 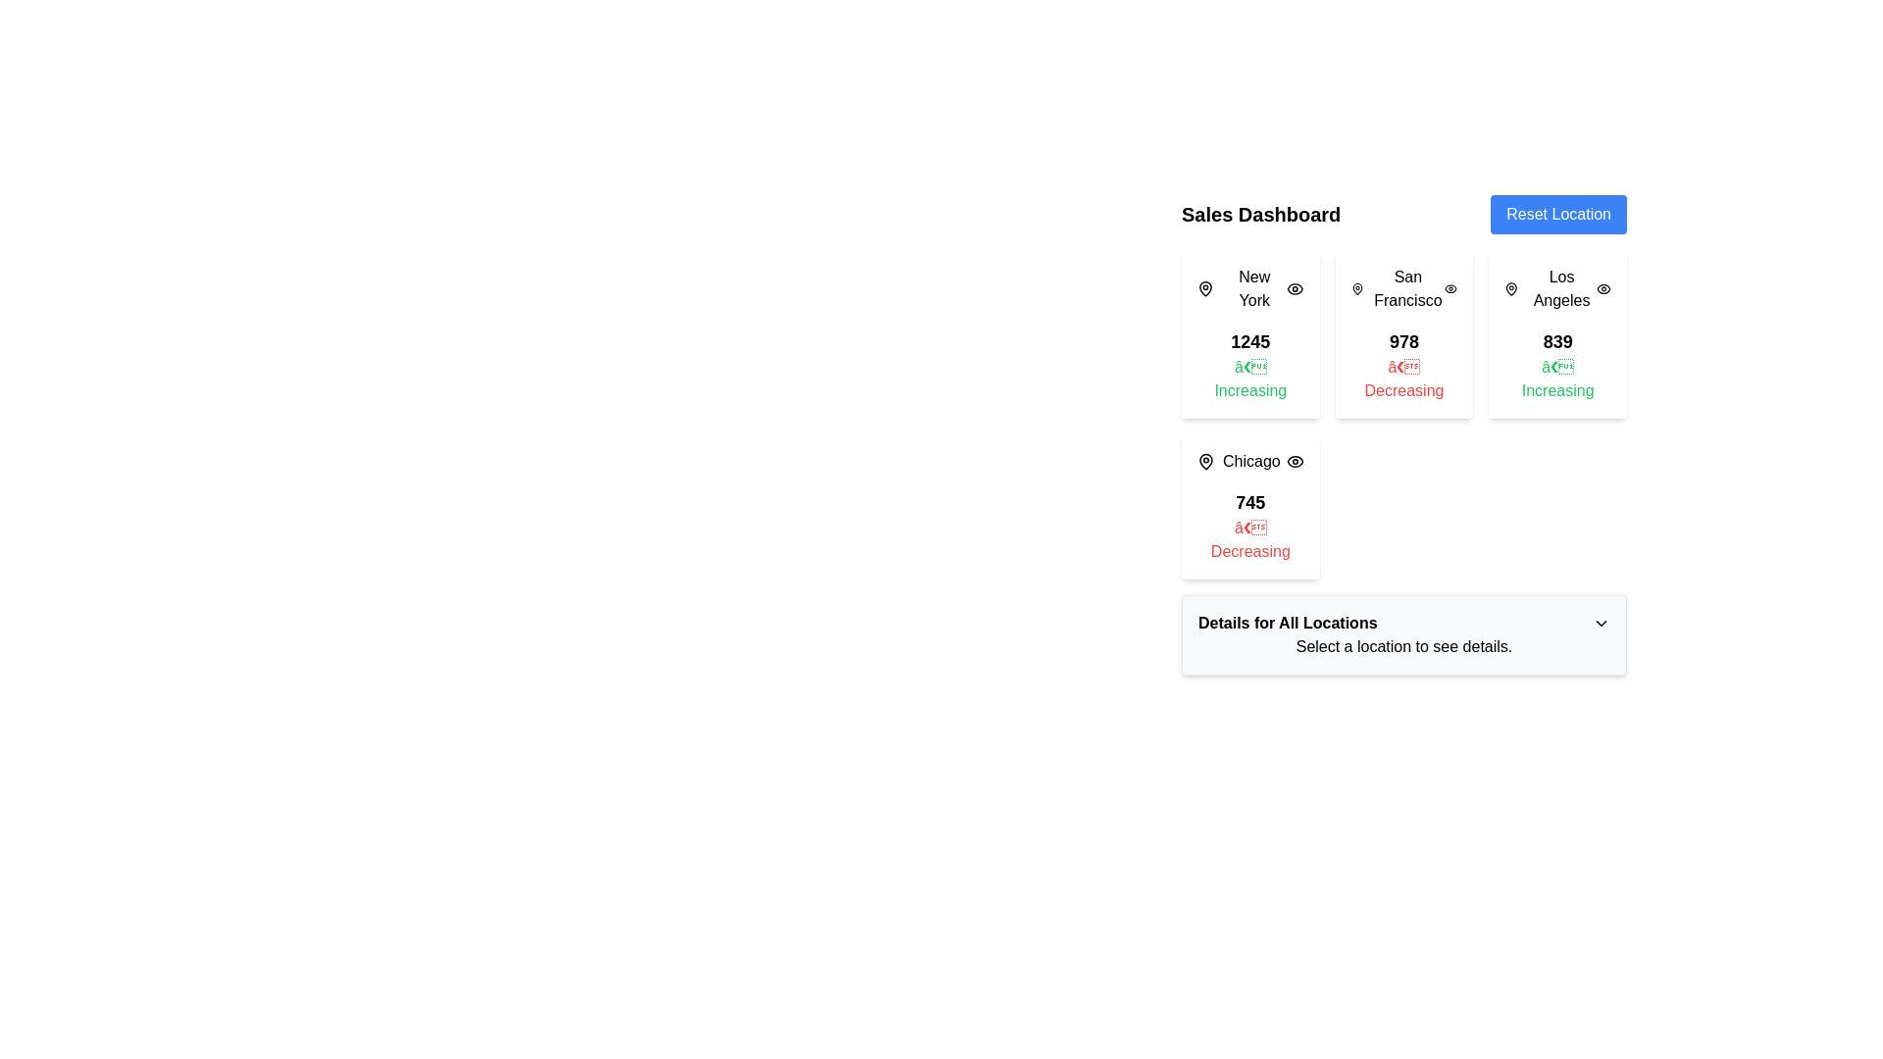 What do you see at coordinates (1402, 340) in the screenshot?
I see `the Static Text Display that shows a numerical statistic related to 'San Francisco', positioned below the 'San Francisco' label and above the 'Decreasing' text` at bounding box center [1402, 340].